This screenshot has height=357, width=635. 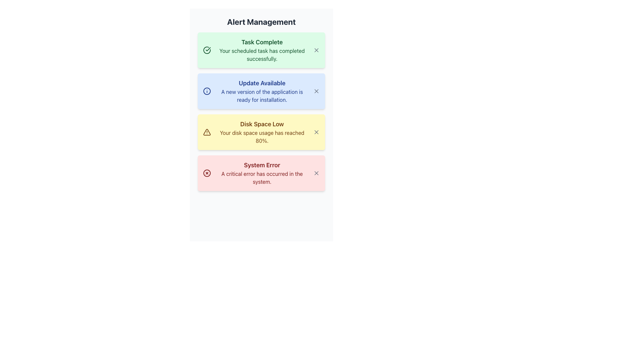 I want to click on the dismiss icon, represented as a diagonal cross ('X'), located in the first alert box titled 'Task Complete' at the far right edge, so click(x=316, y=50).